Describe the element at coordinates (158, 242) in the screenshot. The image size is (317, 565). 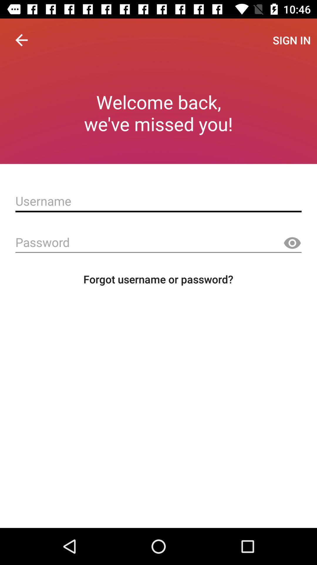
I see `password` at that location.